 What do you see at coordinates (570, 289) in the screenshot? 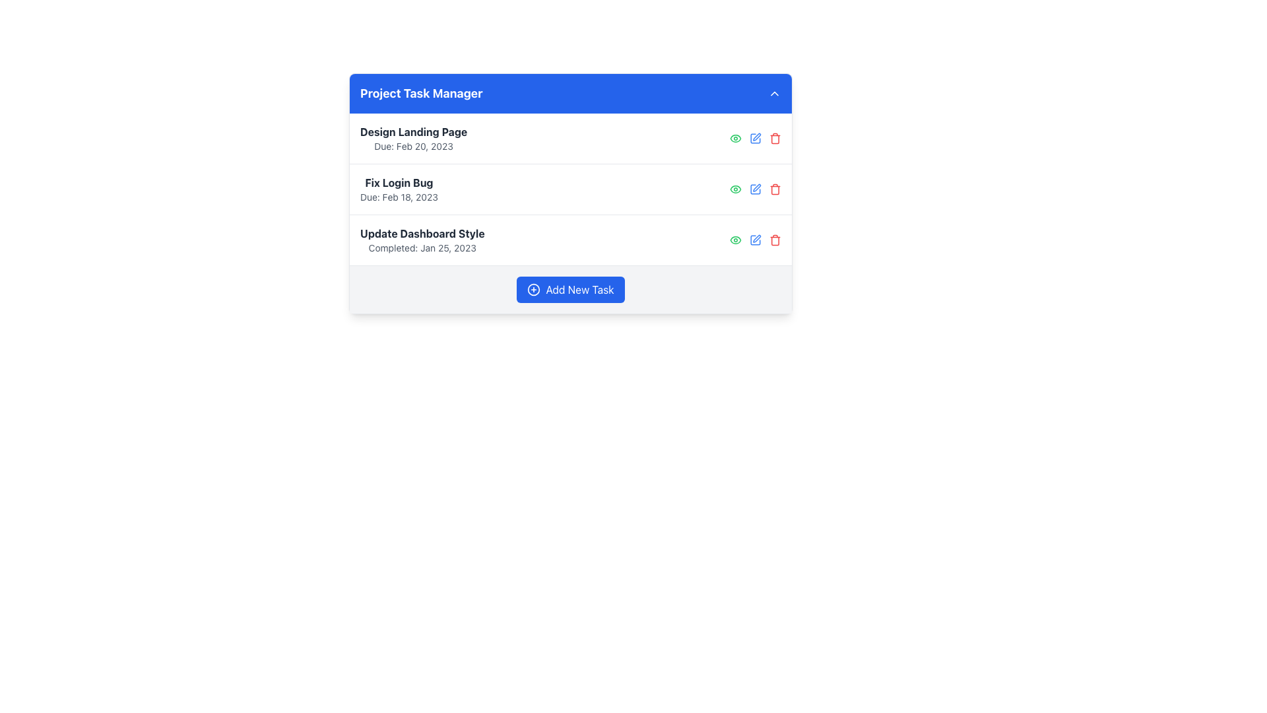
I see `the 'Add New Task' button, which has rounded corners, a blue background, and a white plus icon on the left, located centrally at the bottom of the light grey section` at bounding box center [570, 289].